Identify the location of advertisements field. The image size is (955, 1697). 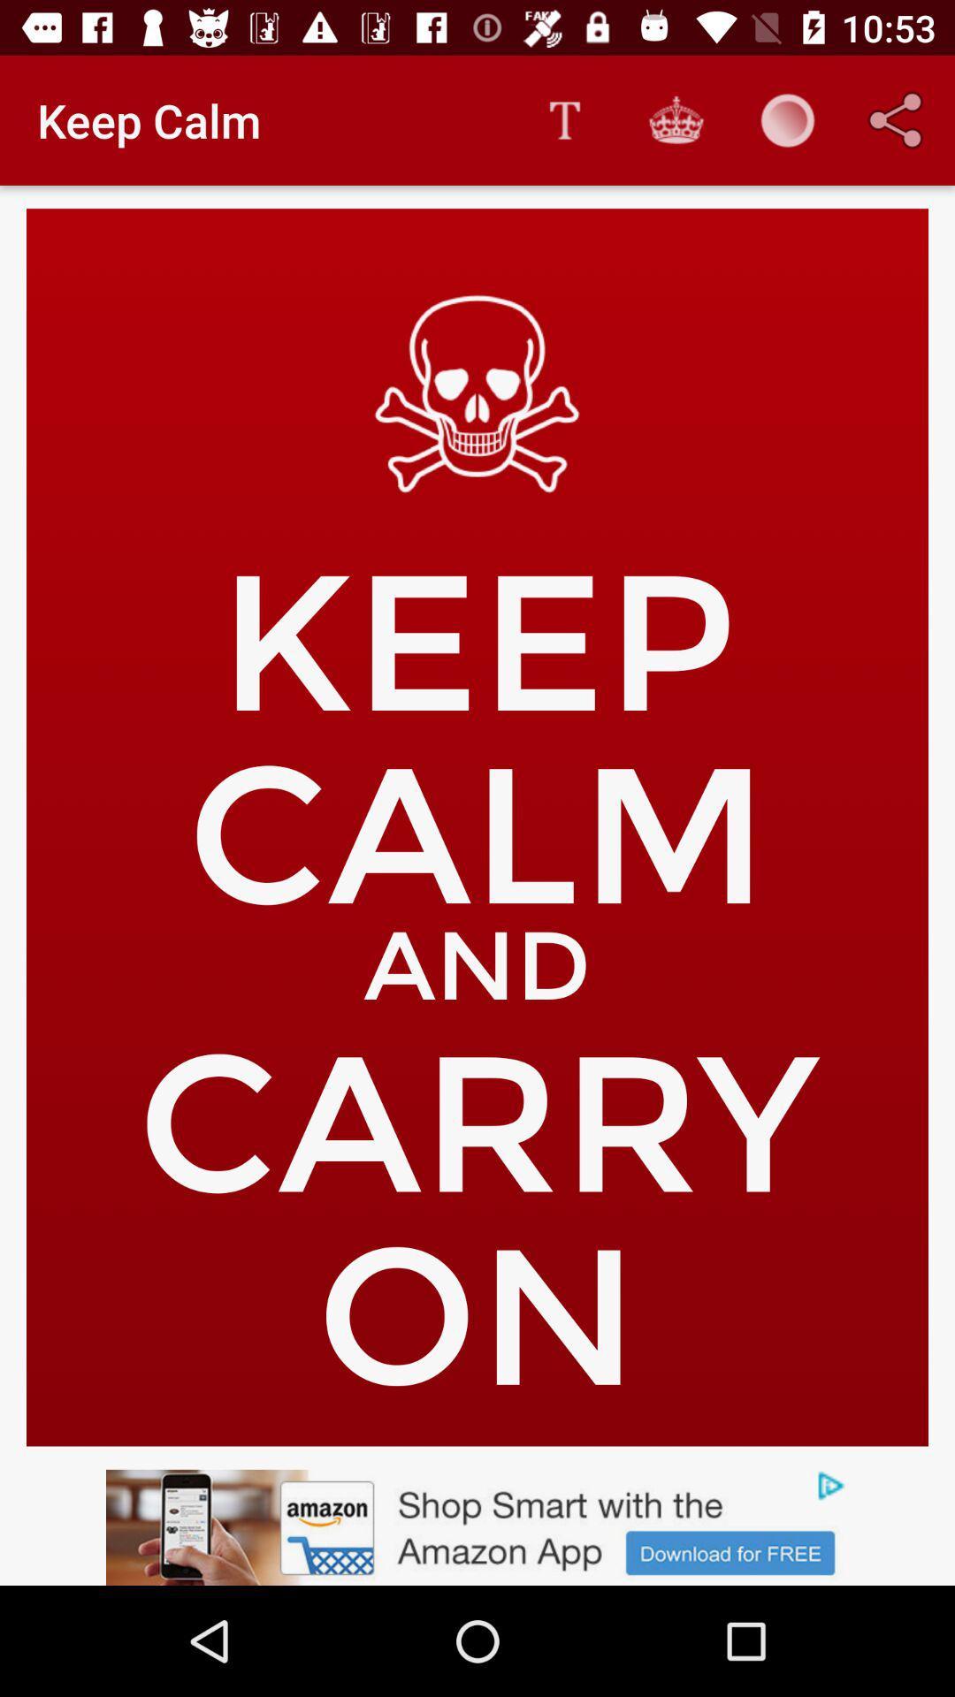
(477, 1526).